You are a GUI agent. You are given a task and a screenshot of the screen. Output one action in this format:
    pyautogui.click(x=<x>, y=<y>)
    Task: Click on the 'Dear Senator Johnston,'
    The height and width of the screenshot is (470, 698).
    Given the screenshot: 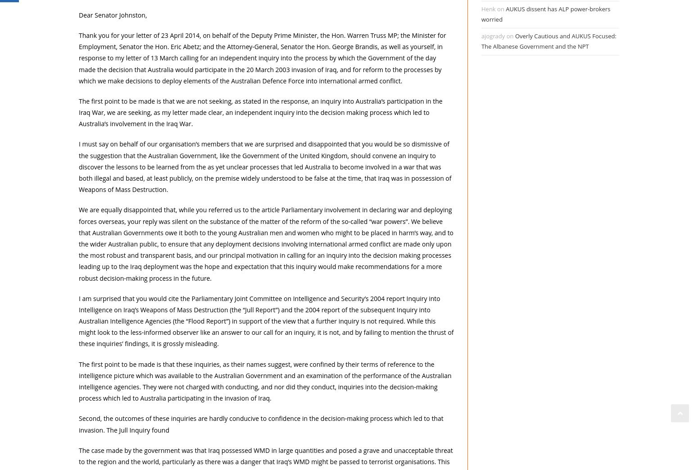 What is the action you would take?
    pyautogui.click(x=113, y=14)
    